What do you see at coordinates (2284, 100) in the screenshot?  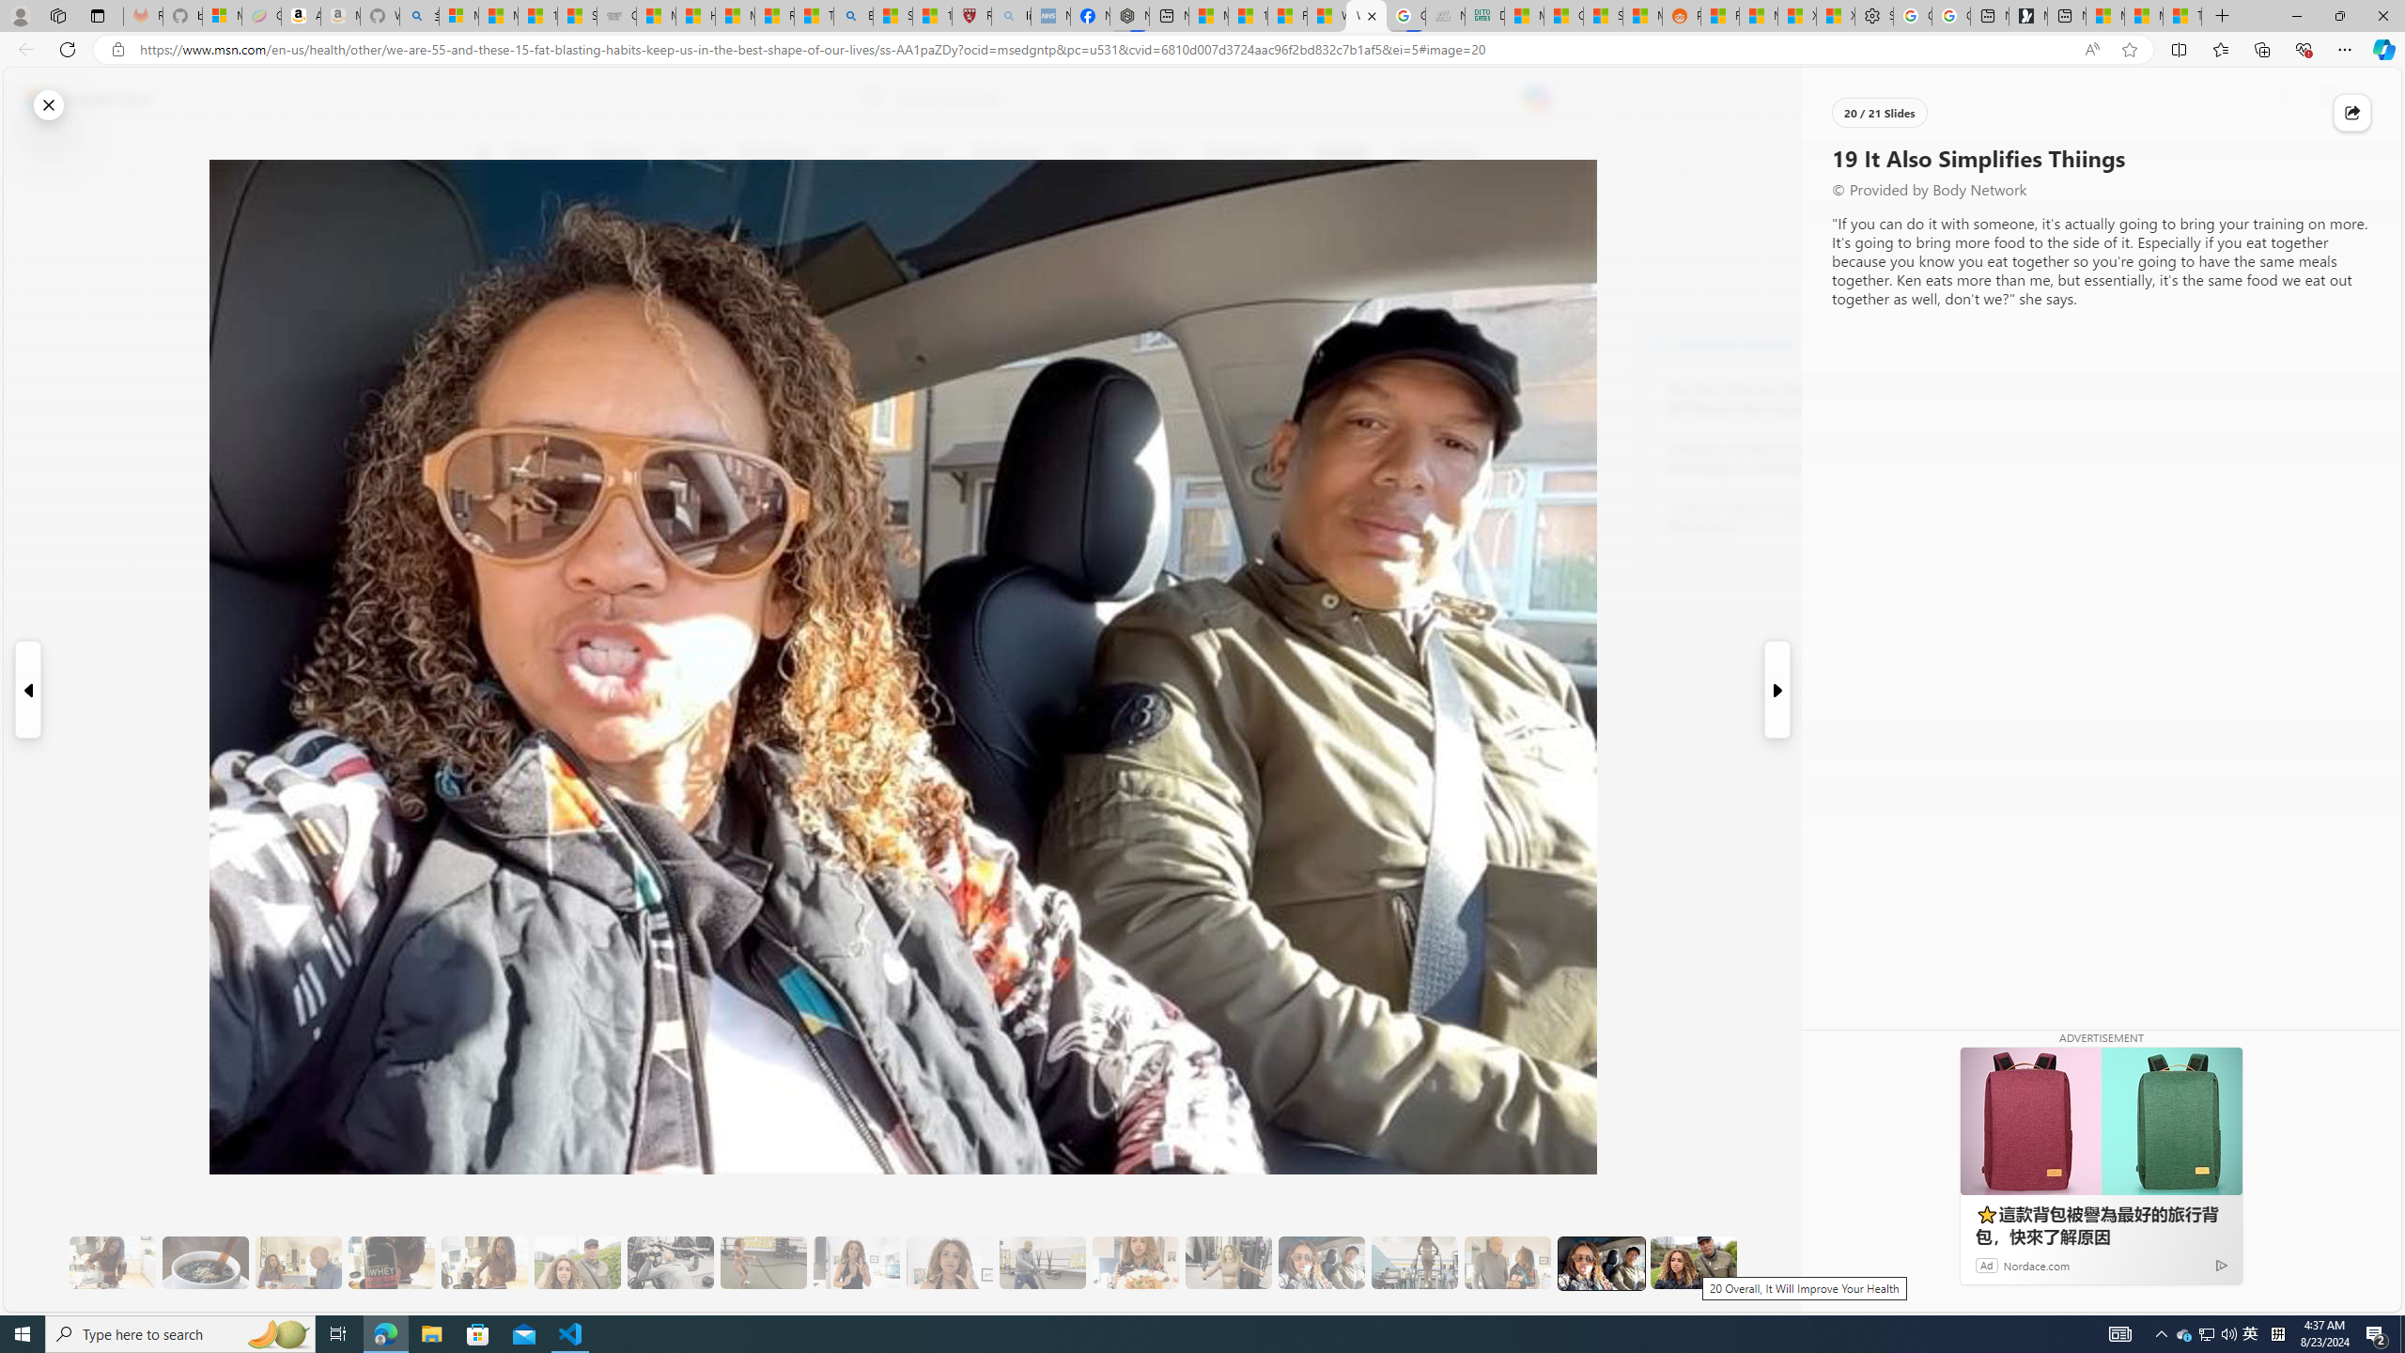 I see `'Microsoft rewards'` at bounding box center [2284, 100].